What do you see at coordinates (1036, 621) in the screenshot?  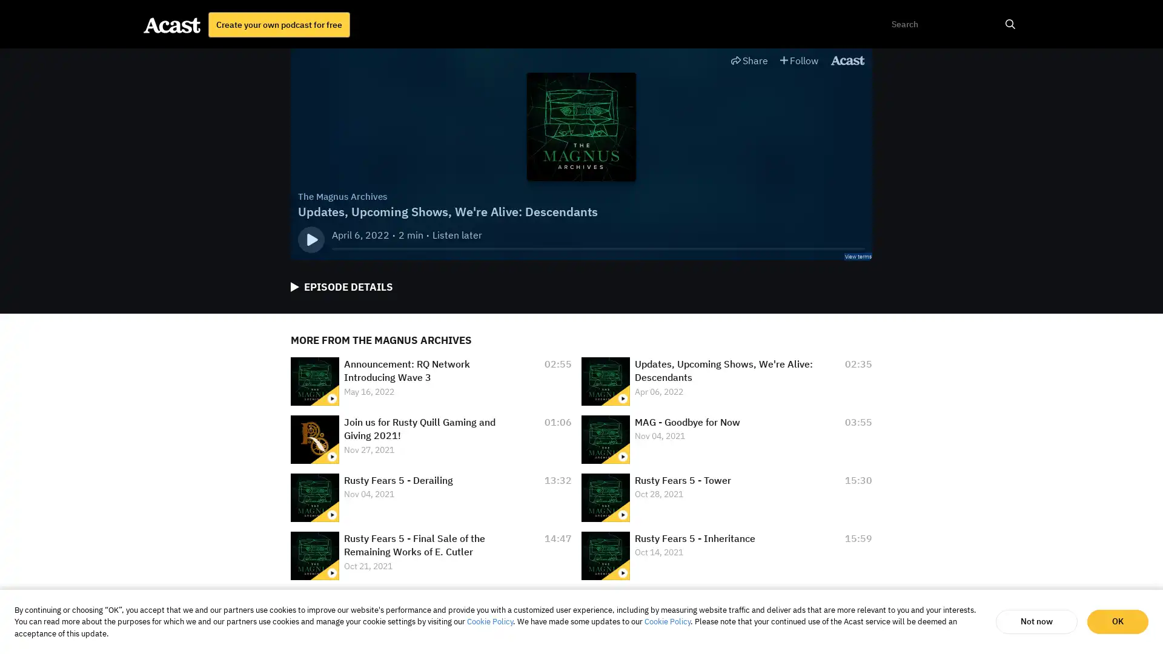 I see `Not now` at bounding box center [1036, 621].